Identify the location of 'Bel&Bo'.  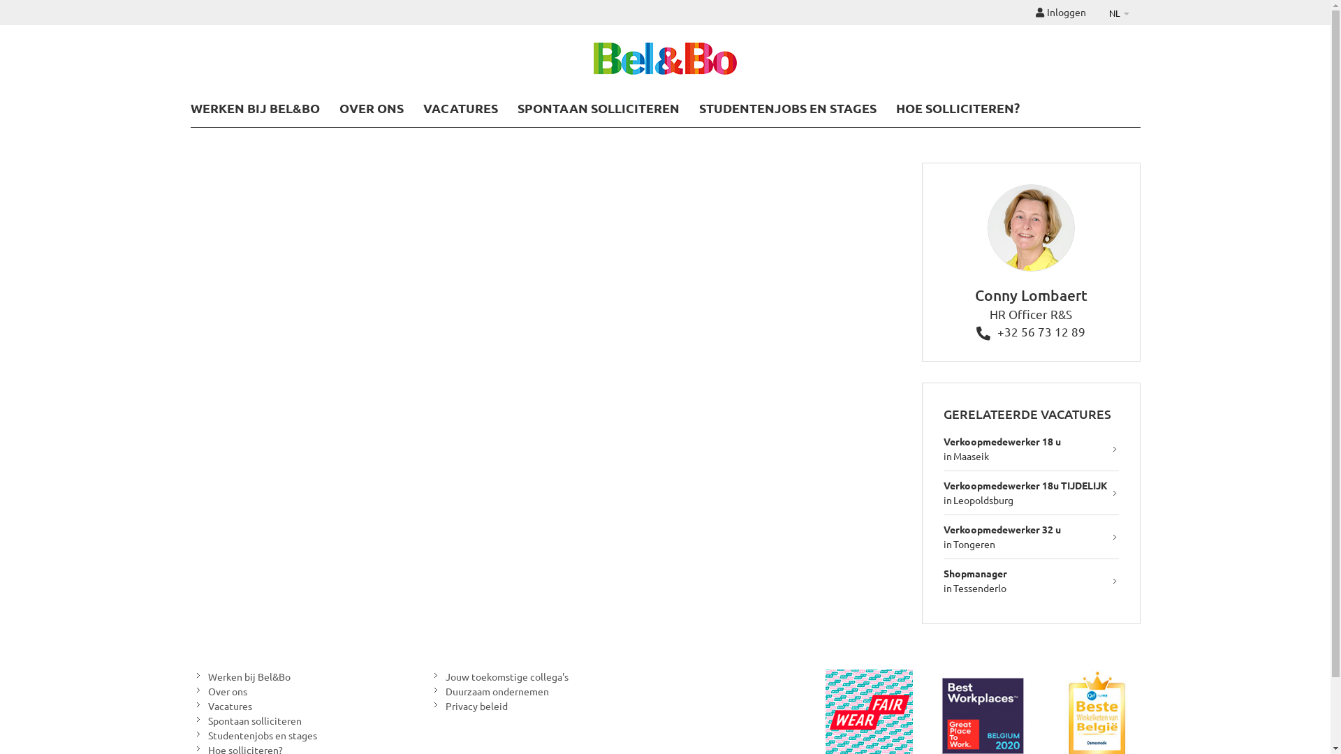
(593, 59).